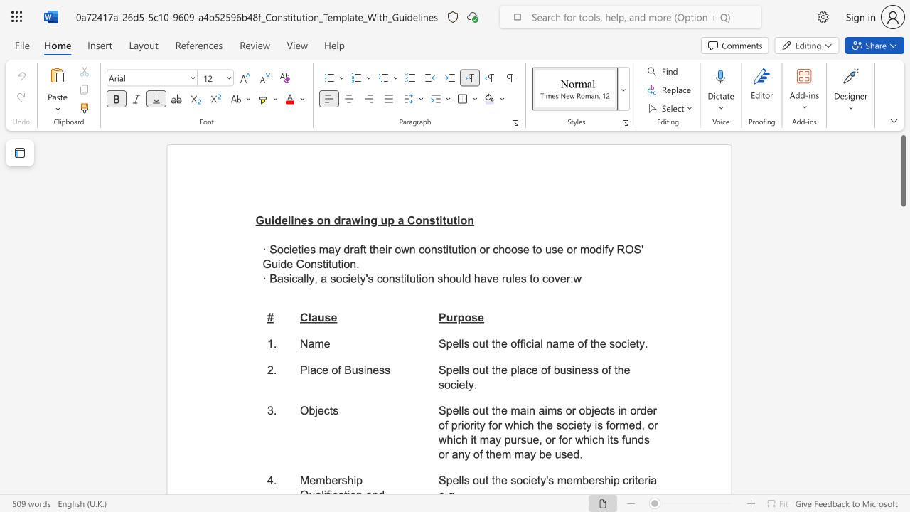 This screenshot has width=910, height=512. I want to click on the scrollbar to scroll the page down, so click(902, 476).